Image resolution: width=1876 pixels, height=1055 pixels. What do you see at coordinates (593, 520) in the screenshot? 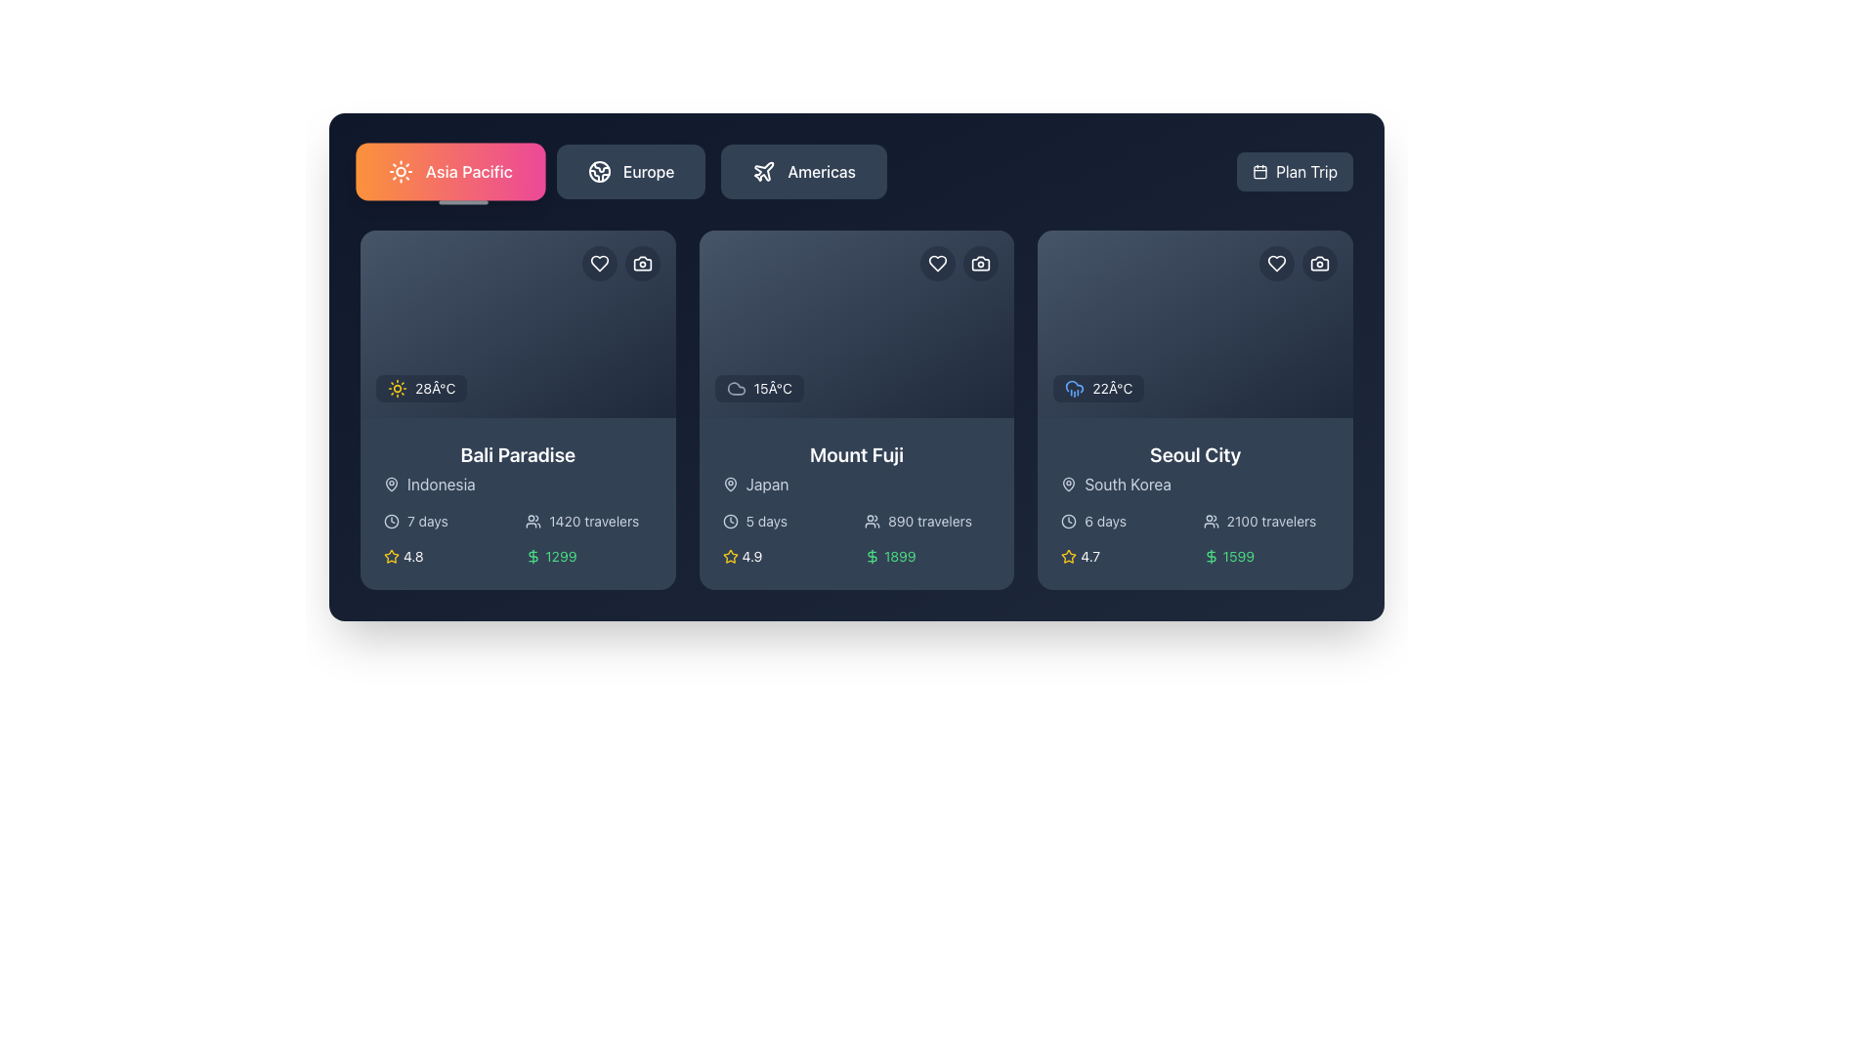
I see `the text label displaying '1420 travelers' located at the bottom-right part of the 'Bali Paradise' card for accessibility purposes` at bounding box center [593, 520].